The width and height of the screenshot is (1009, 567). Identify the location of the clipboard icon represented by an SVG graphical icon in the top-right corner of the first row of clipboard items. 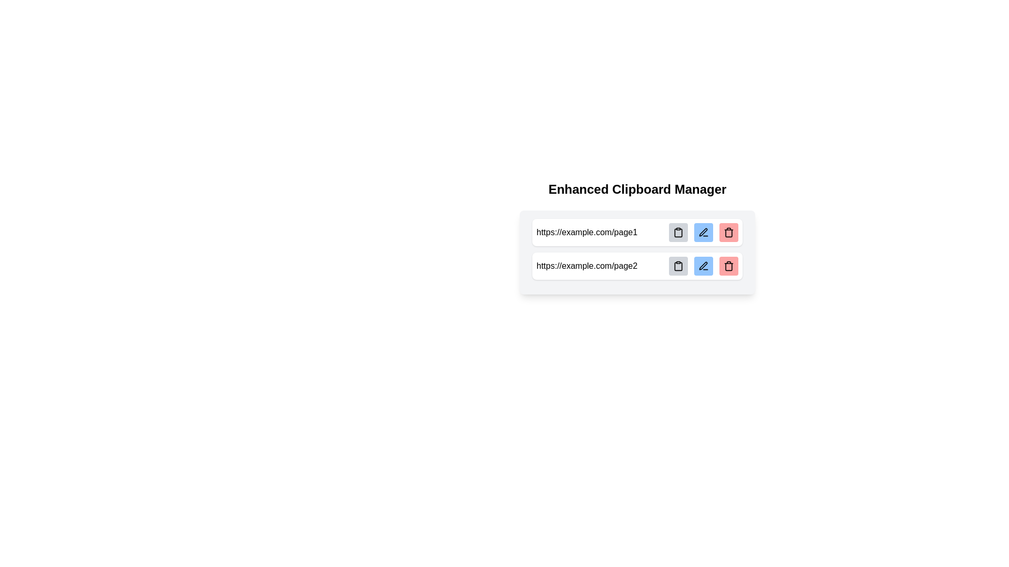
(678, 265).